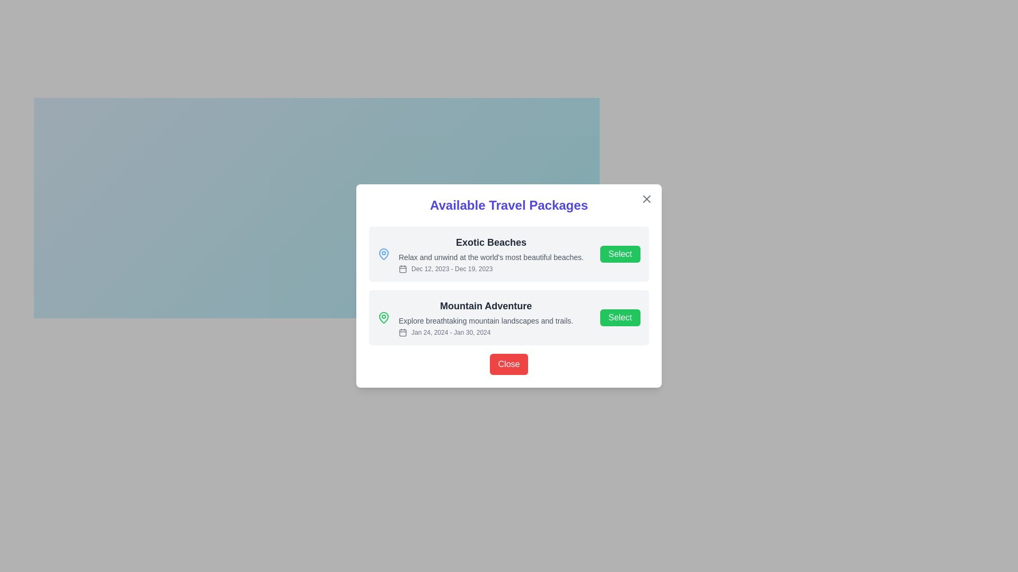 The image size is (1018, 572). What do you see at coordinates (485, 317) in the screenshot?
I see `the Informational Text Block that provides an overview of the travel package located in the modal titled 'Available Travel Packages', situated between 'Exotic Beaches' package and 'Select' button` at bounding box center [485, 317].